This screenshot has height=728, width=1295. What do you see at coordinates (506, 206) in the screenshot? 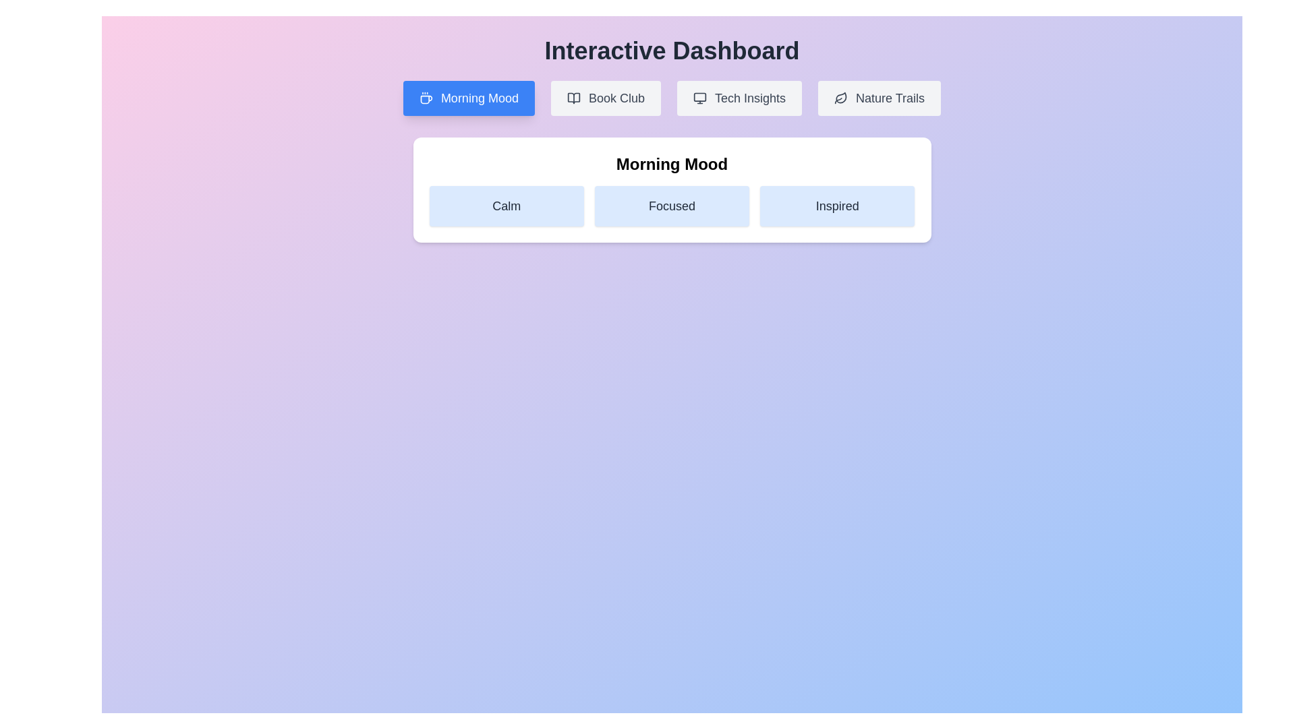
I see `the 'Calm' button, which is a bold text element inside a blue rectangular button in the 'Morning Mood' section of the Interactive Dashboard, to access its related functionality` at bounding box center [506, 206].